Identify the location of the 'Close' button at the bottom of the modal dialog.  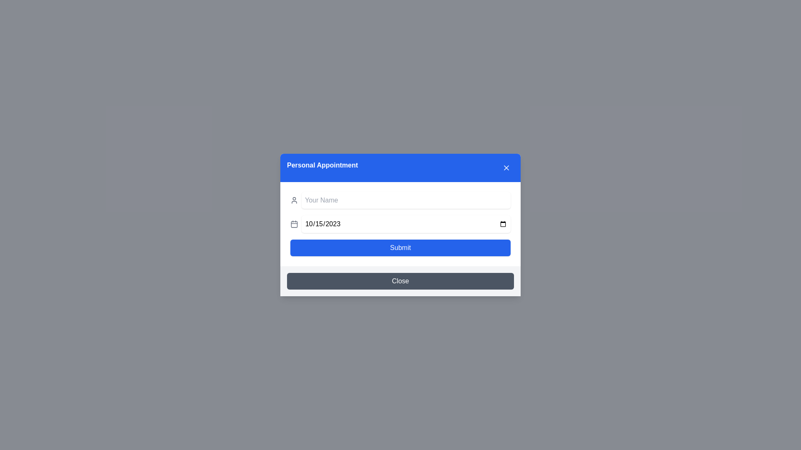
(400, 281).